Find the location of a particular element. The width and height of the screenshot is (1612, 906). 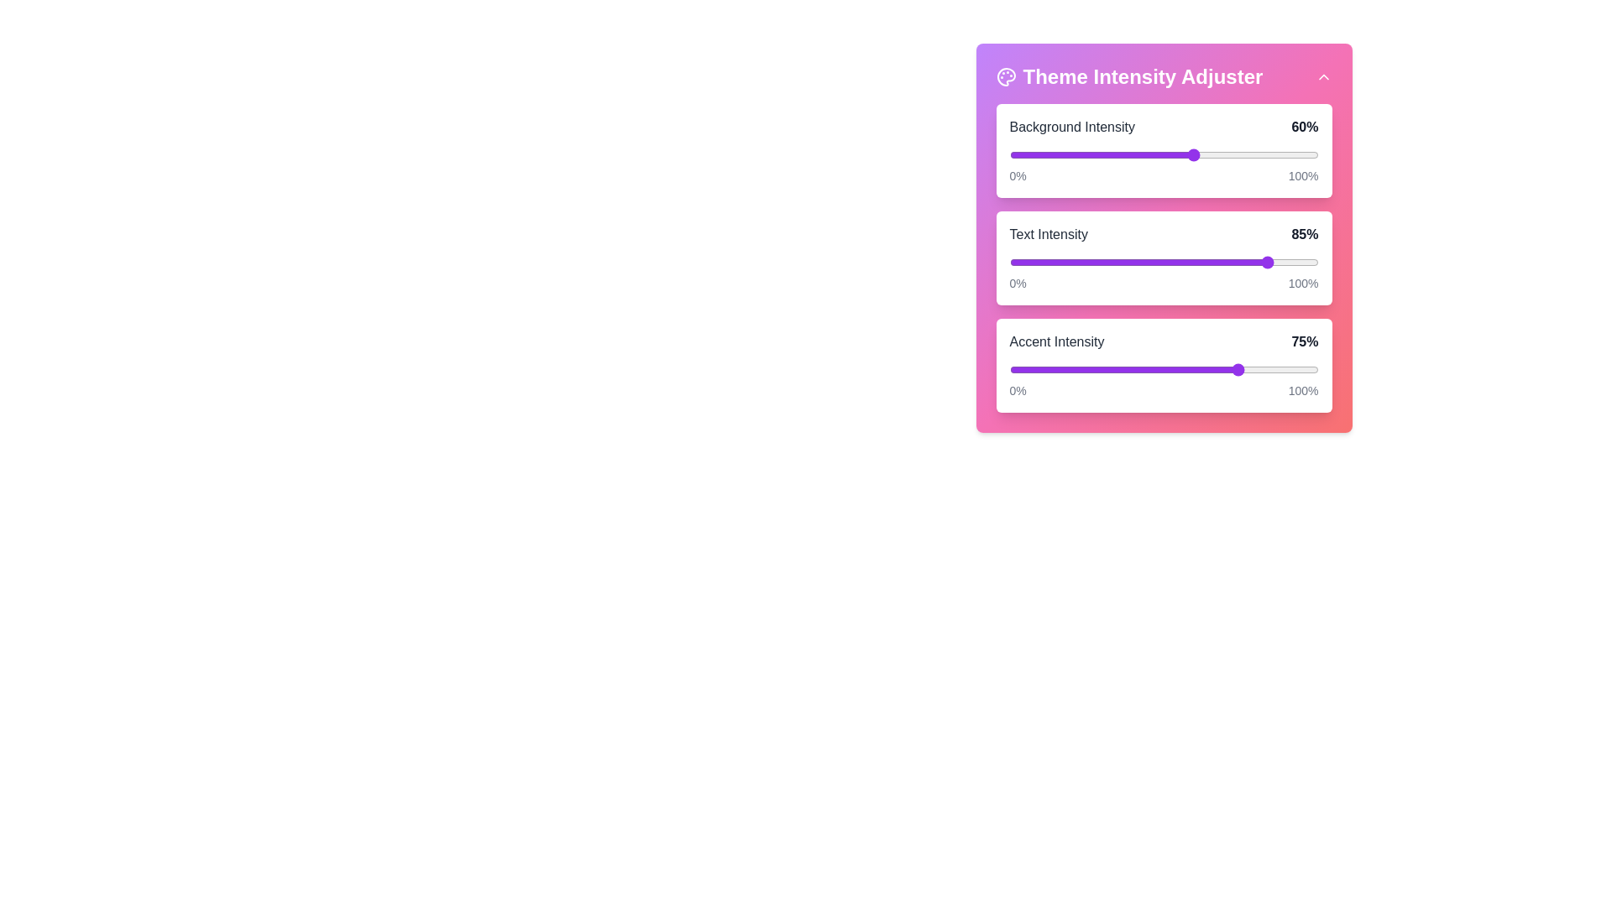

the minimum value label (0%) for the 'Text Intensity' slider is located at coordinates (1017, 175).